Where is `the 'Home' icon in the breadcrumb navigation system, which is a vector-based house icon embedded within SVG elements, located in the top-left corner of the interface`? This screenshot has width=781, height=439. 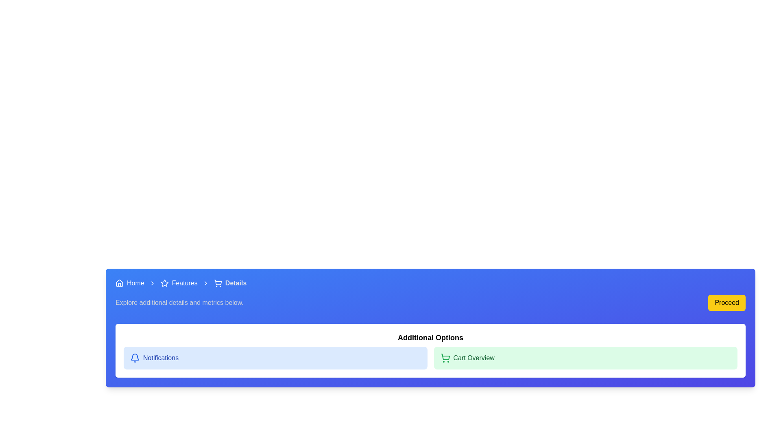 the 'Home' icon in the breadcrumb navigation system, which is a vector-based house icon embedded within SVG elements, located in the top-left corner of the interface is located at coordinates (119, 282).